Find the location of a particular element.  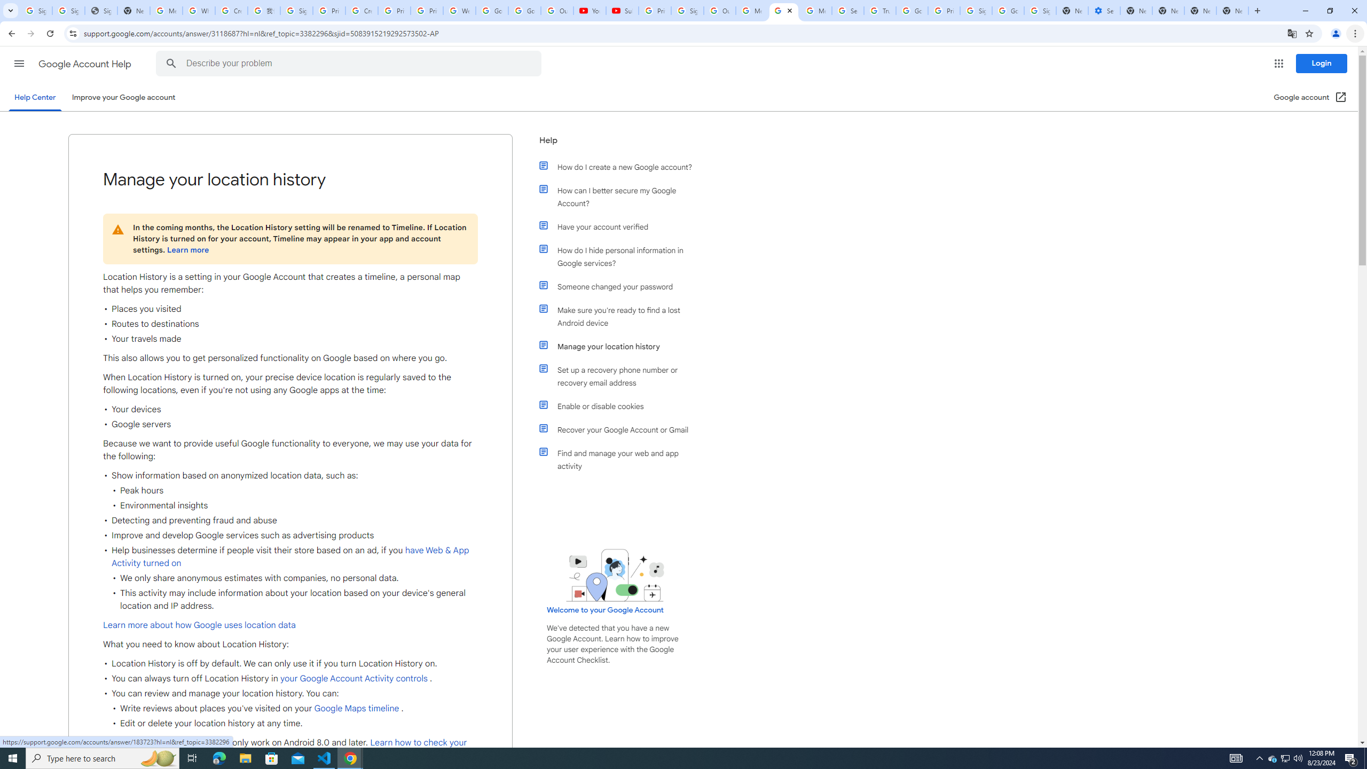

'Set up a recovery phone number or recovery email address' is located at coordinates (620, 376).